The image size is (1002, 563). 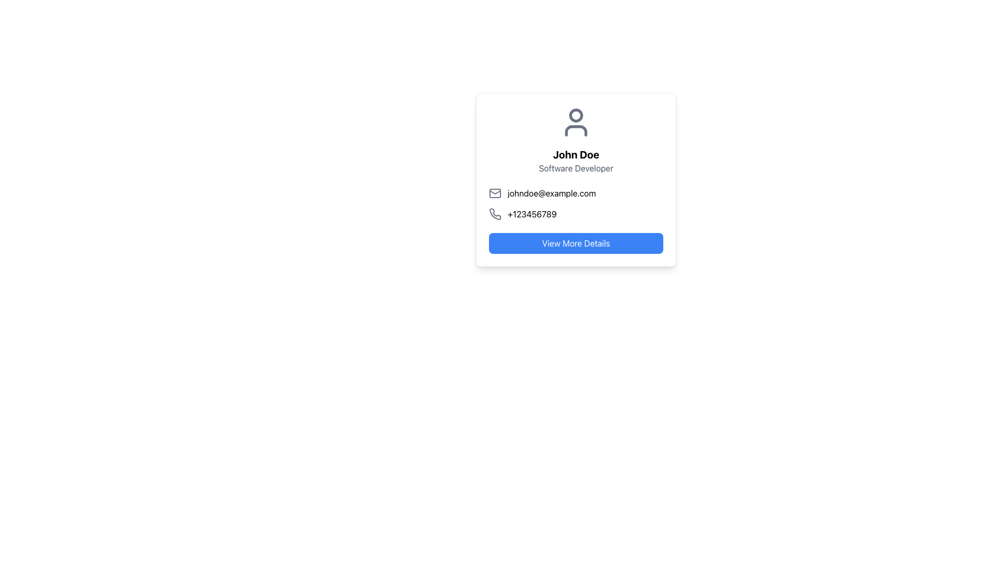 What do you see at coordinates (576, 115) in the screenshot?
I see `the circular user icon graphic that represents the head of the avatar structure, located at the topmost part of the gray-colored figure` at bounding box center [576, 115].